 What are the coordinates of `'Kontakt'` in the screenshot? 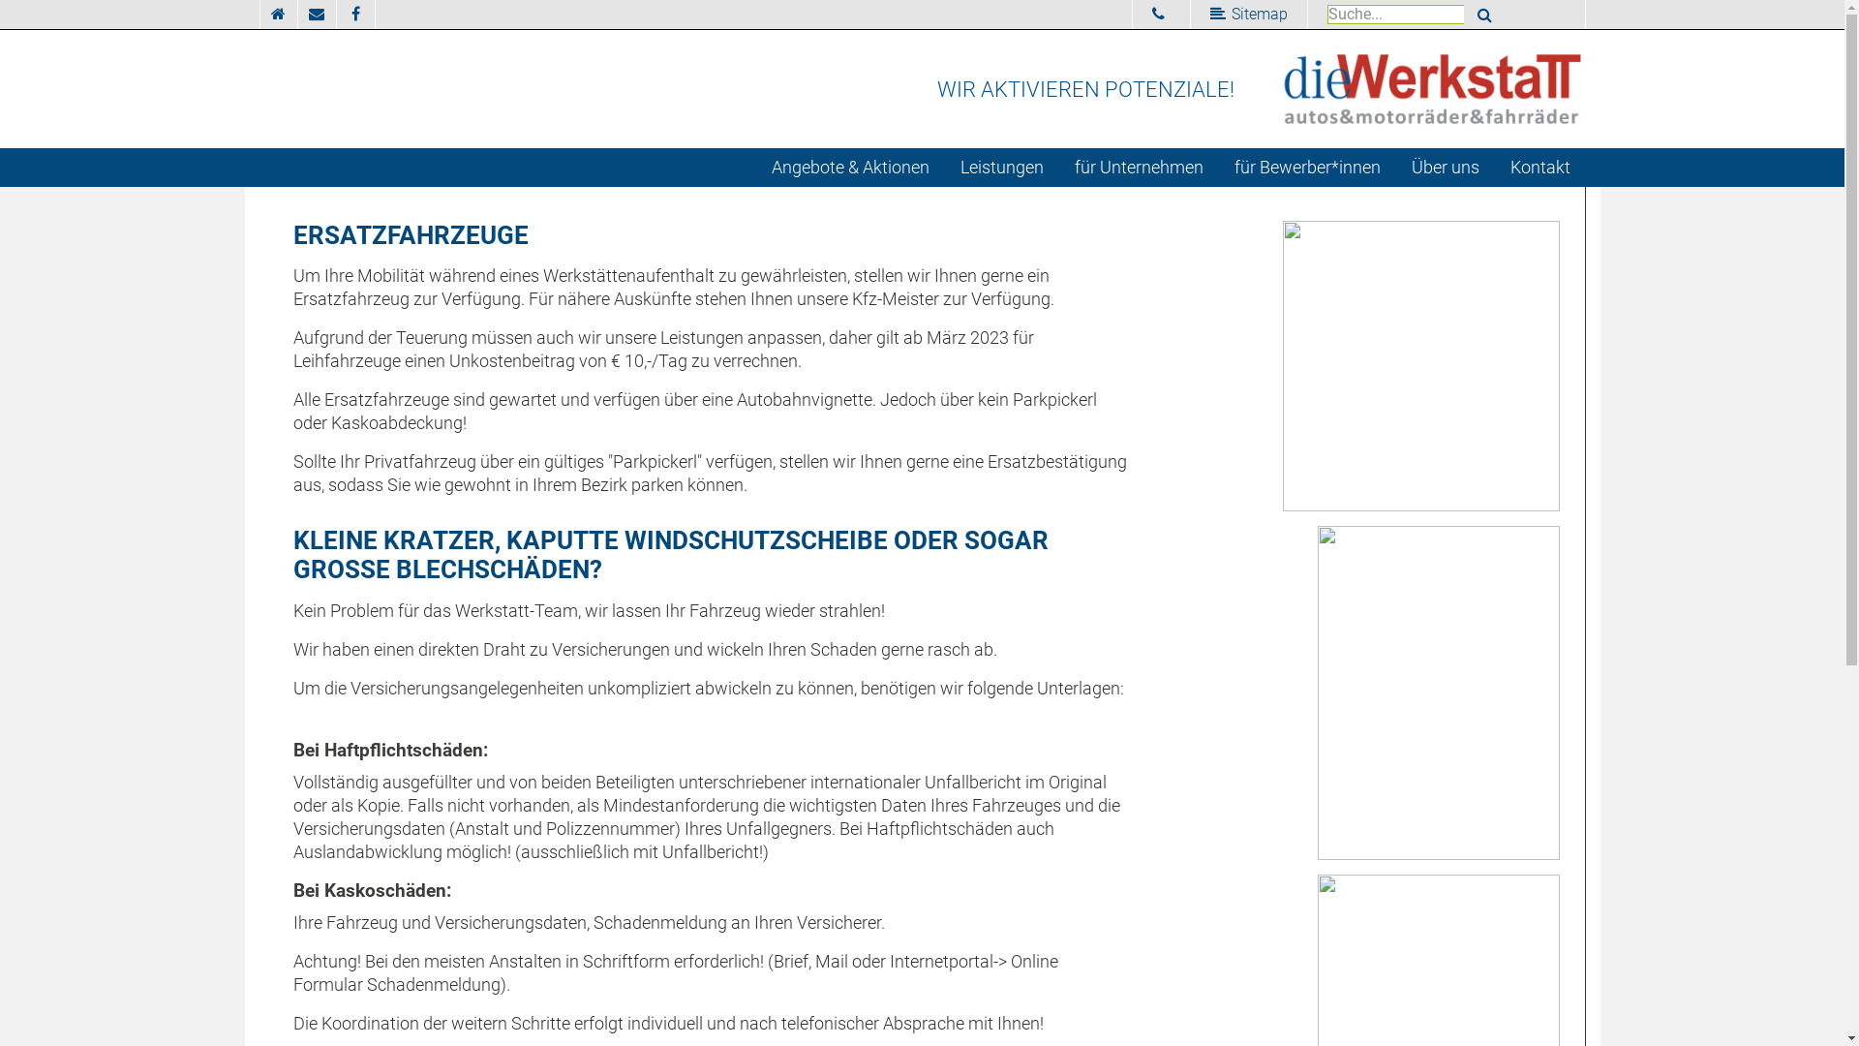 It's located at (1539, 167).